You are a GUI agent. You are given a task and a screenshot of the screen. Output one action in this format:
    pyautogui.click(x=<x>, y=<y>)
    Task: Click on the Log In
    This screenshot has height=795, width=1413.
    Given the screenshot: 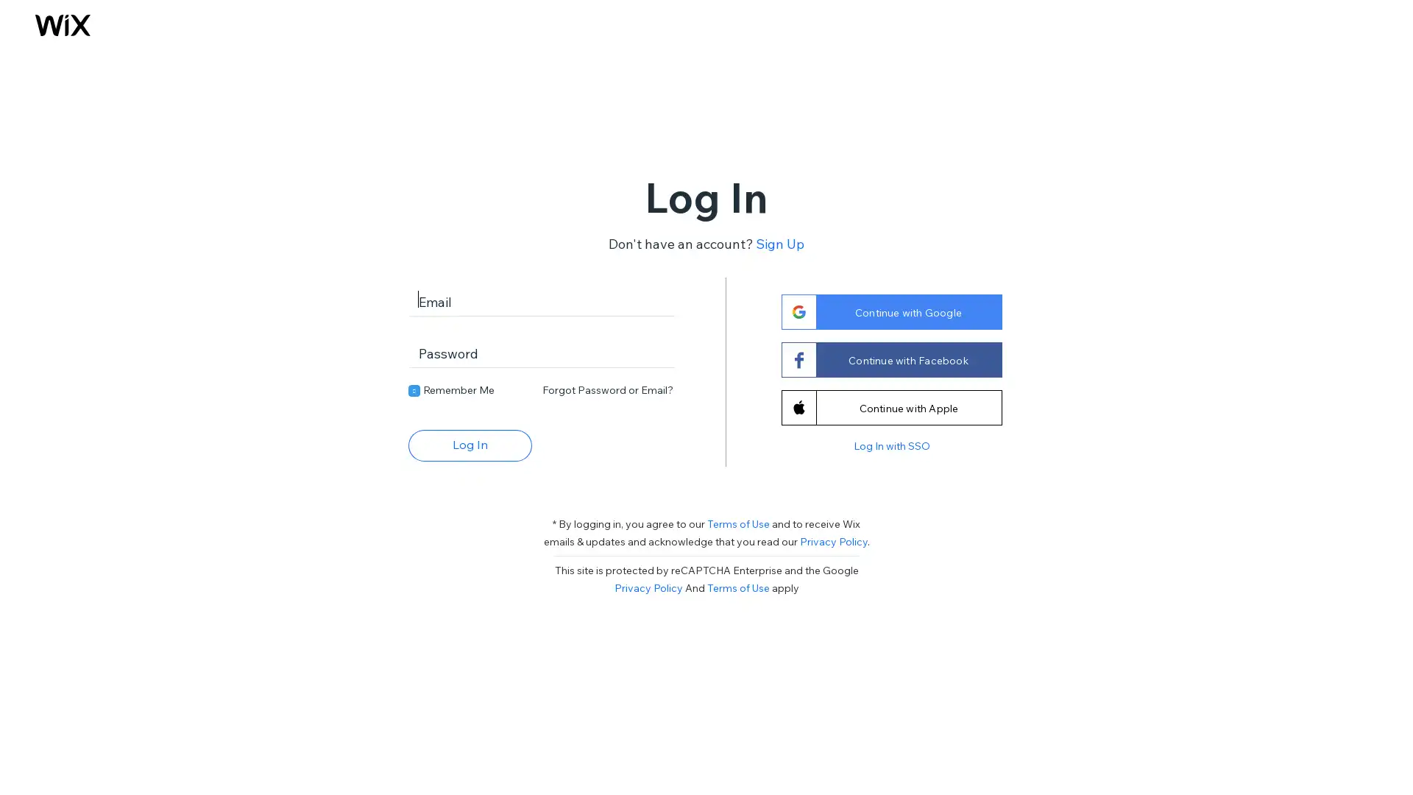 What is the action you would take?
    pyautogui.click(x=469, y=444)
    